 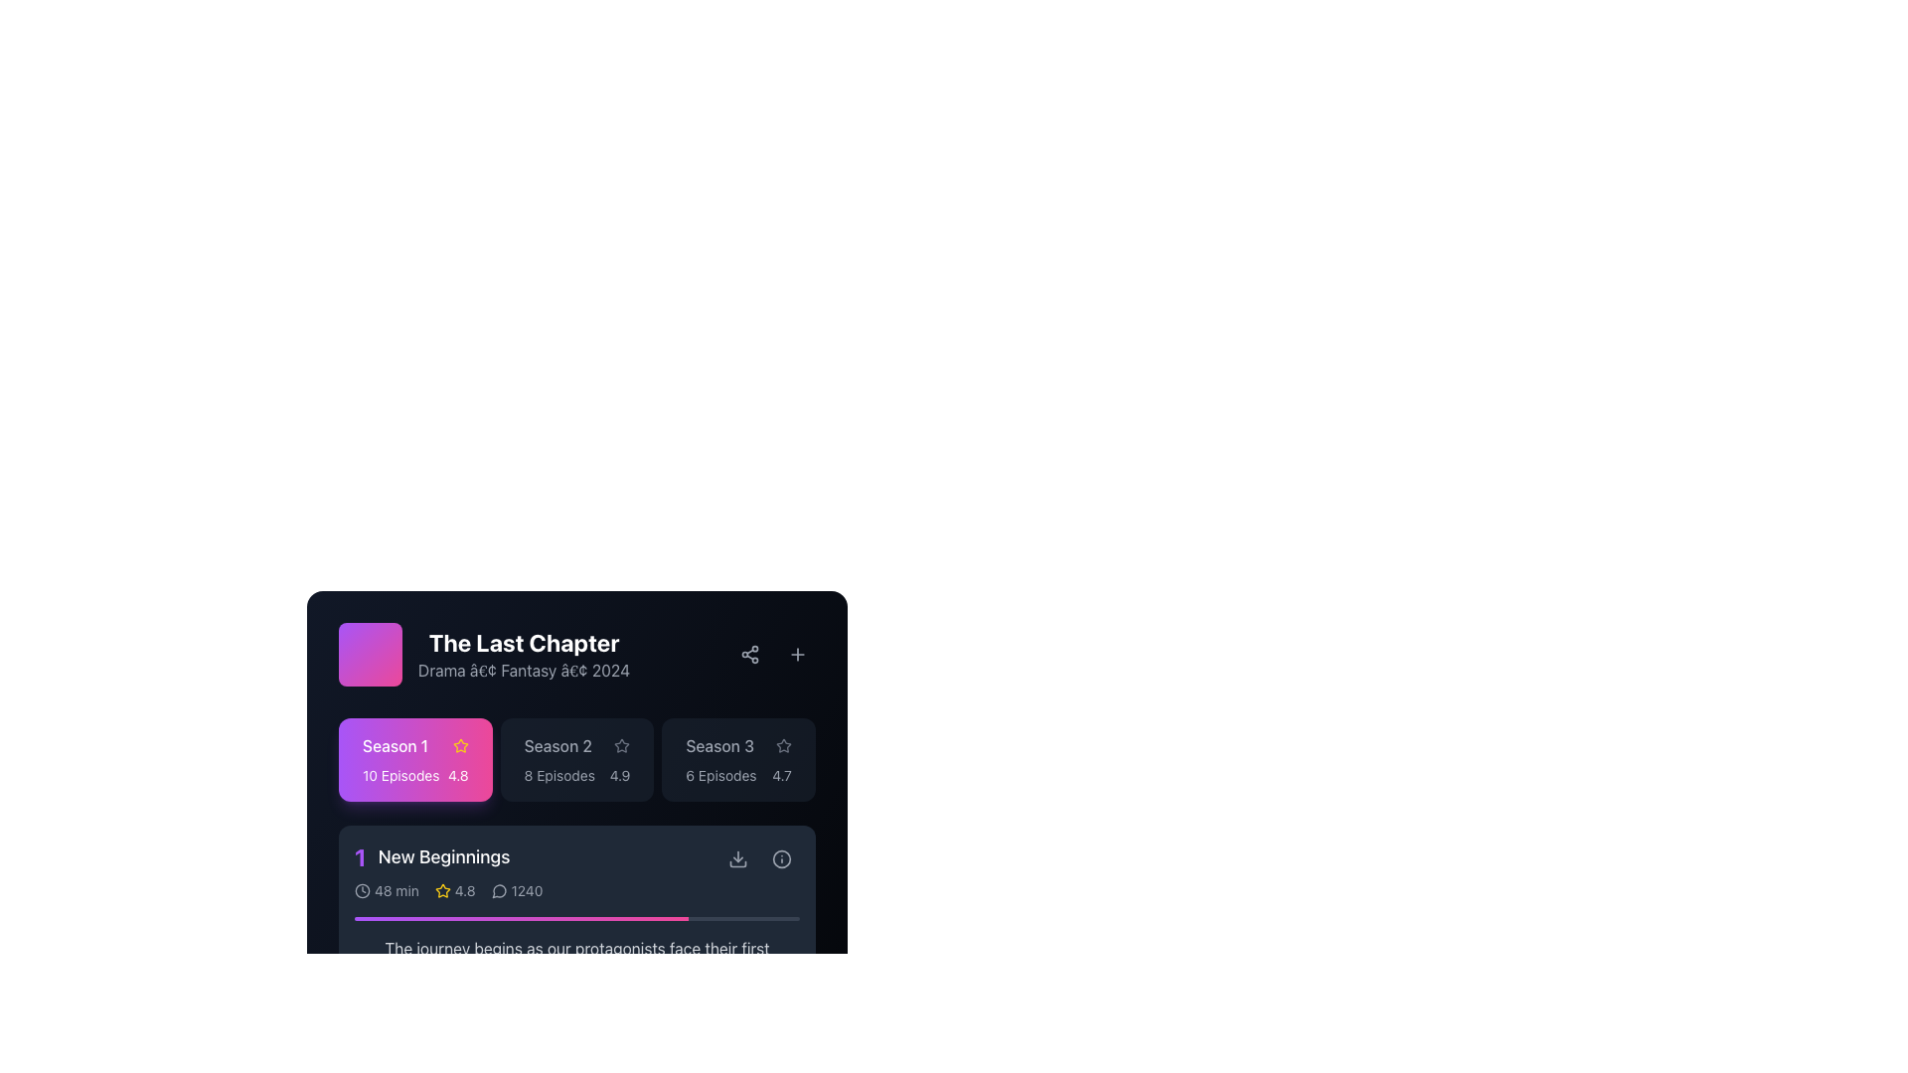 What do you see at coordinates (737, 863) in the screenshot?
I see `the downward-facing arrow icon within the 'New Beginnings' section` at bounding box center [737, 863].